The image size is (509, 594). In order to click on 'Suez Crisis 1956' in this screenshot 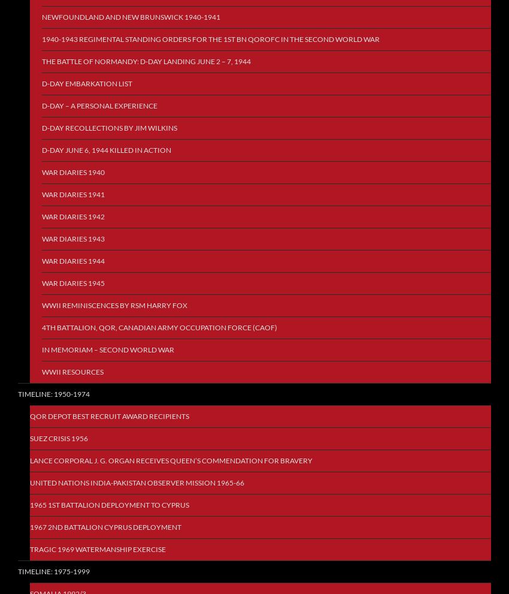, I will do `click(58, 438)`.